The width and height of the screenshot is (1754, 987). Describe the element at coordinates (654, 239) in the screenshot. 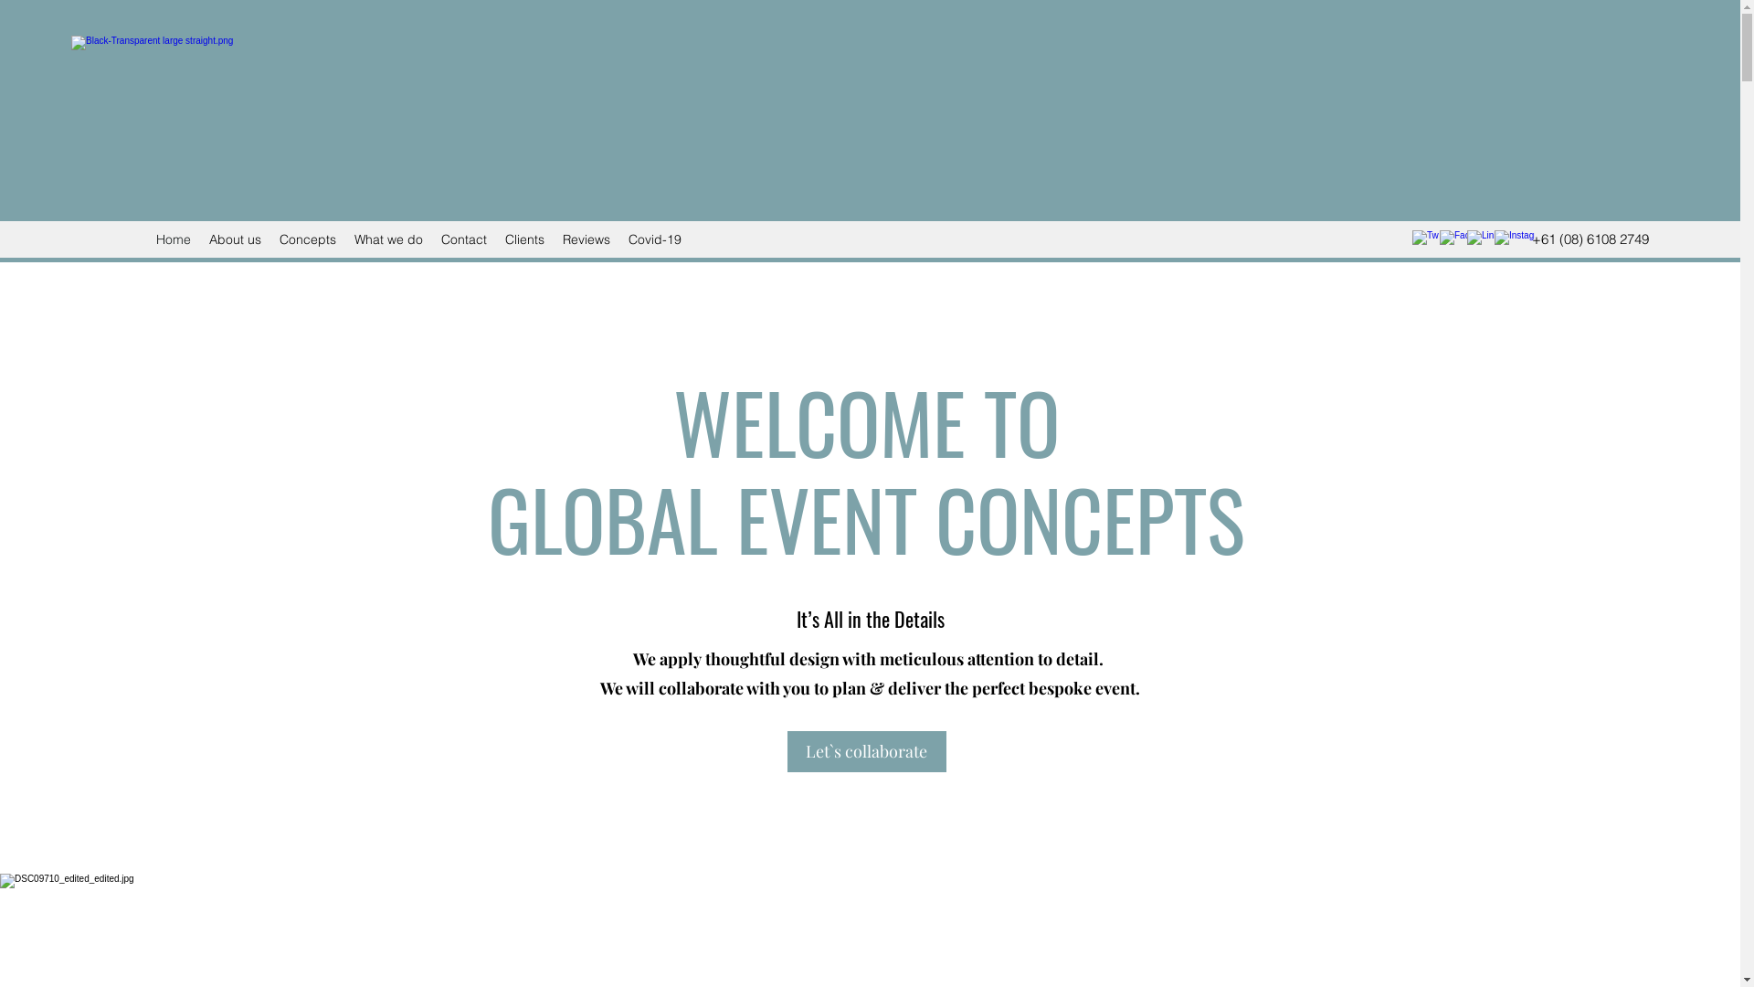

I see `'Covid-19'` at that location.